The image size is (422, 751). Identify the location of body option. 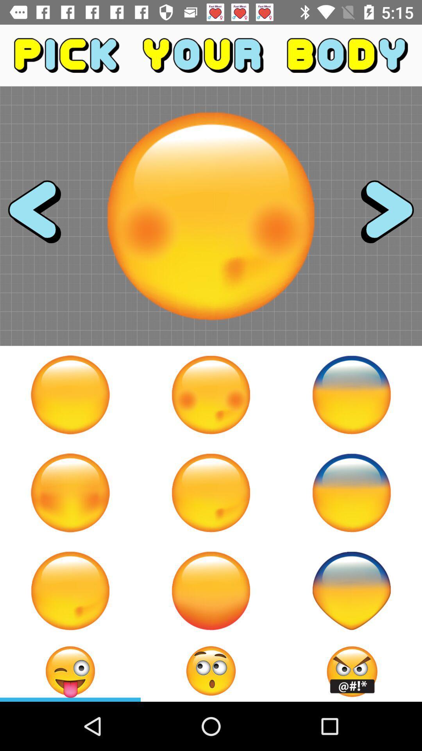
(211, 395).